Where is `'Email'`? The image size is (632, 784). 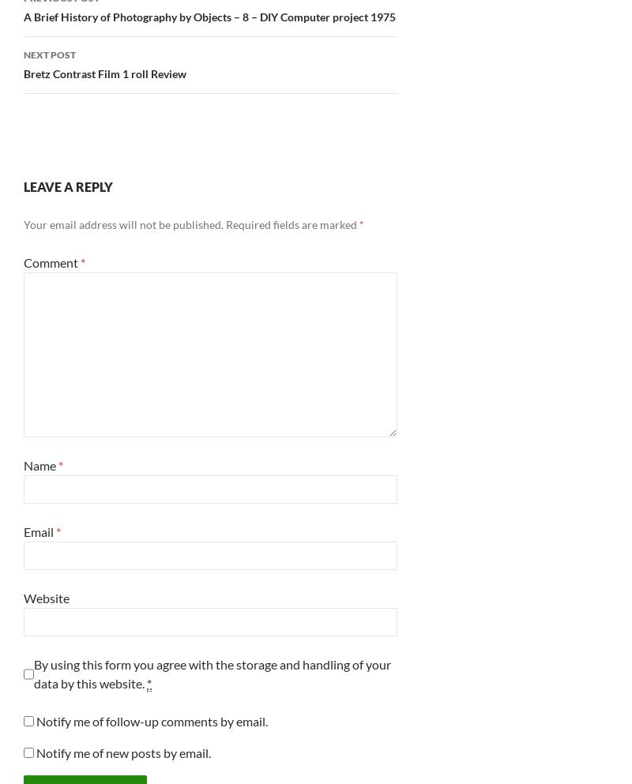 'Email' is located at coordinates (39, 531).